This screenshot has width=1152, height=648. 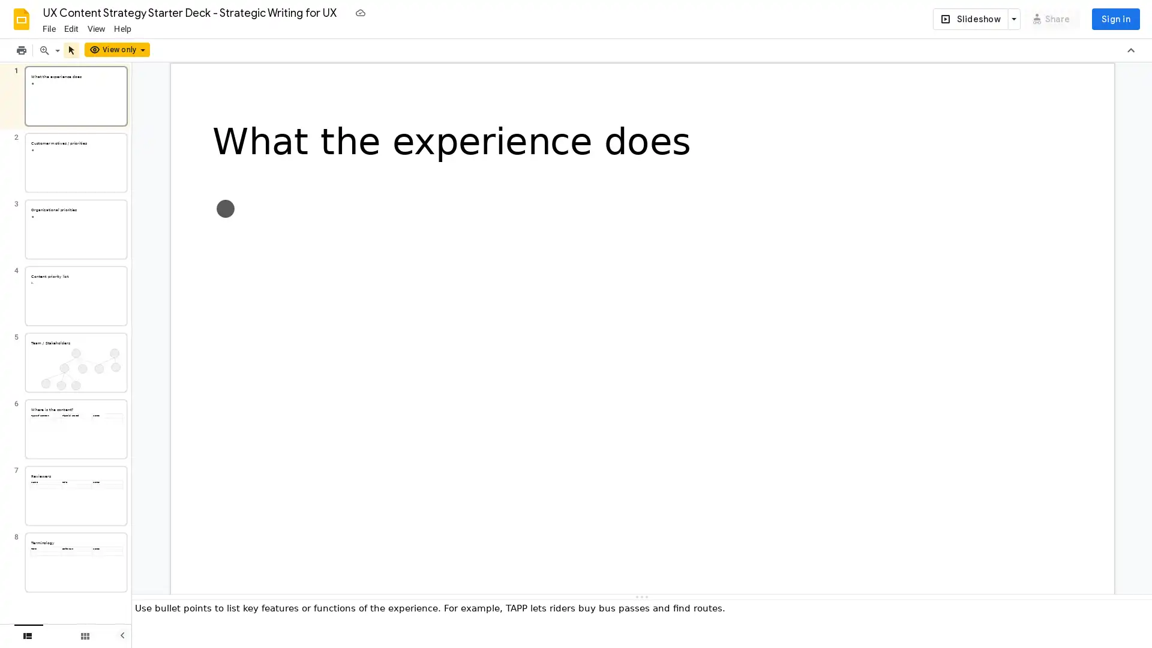 What do you see at coordinates (970, 19) in the screenshot?
I see `Start slideshow (+Enter)` at bounding box center [970, 19].